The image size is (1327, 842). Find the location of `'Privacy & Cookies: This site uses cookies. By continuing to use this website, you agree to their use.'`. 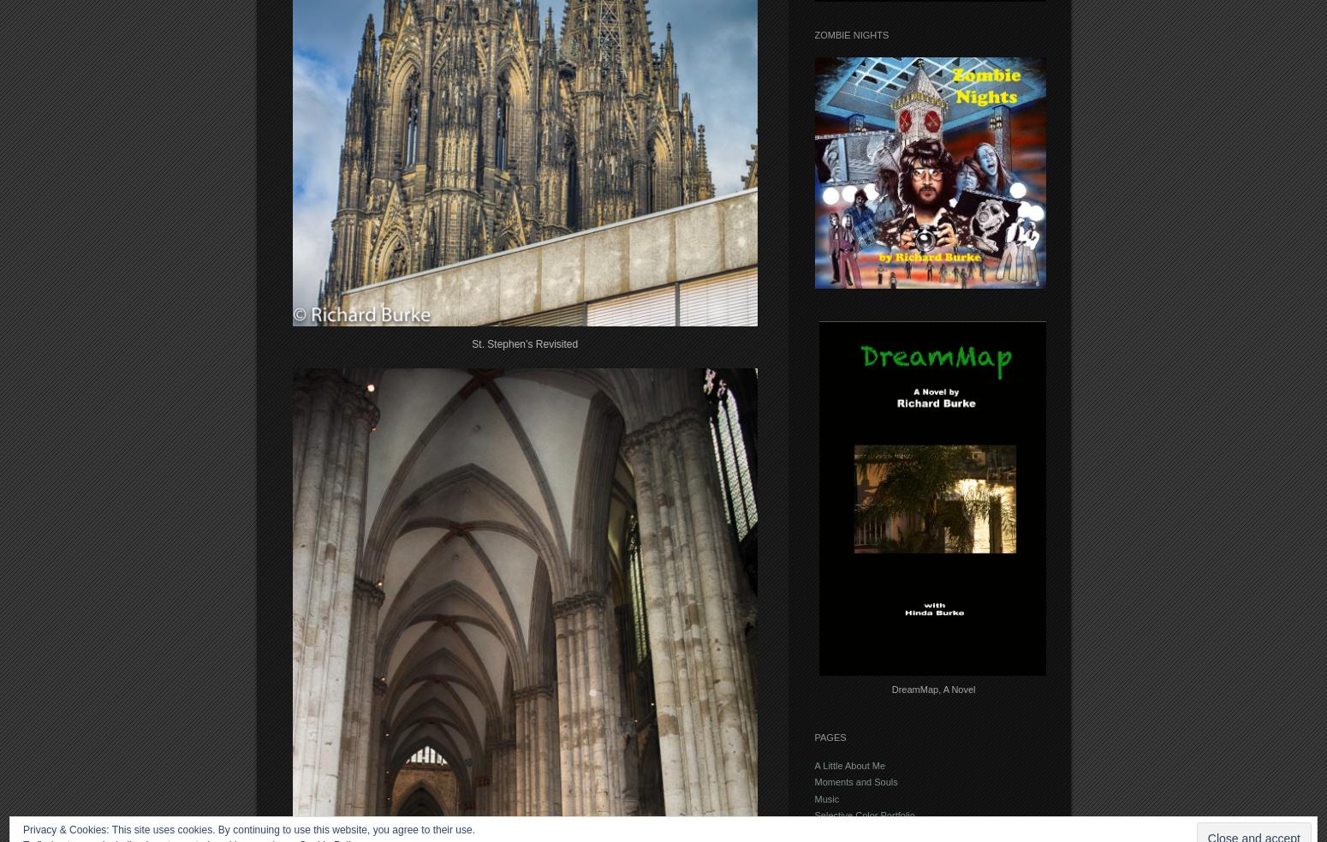

'Privacy & Cookies: This site uses cookies. By continuing to use this website, you agree to their use.' is located at coordinates (248, 830).